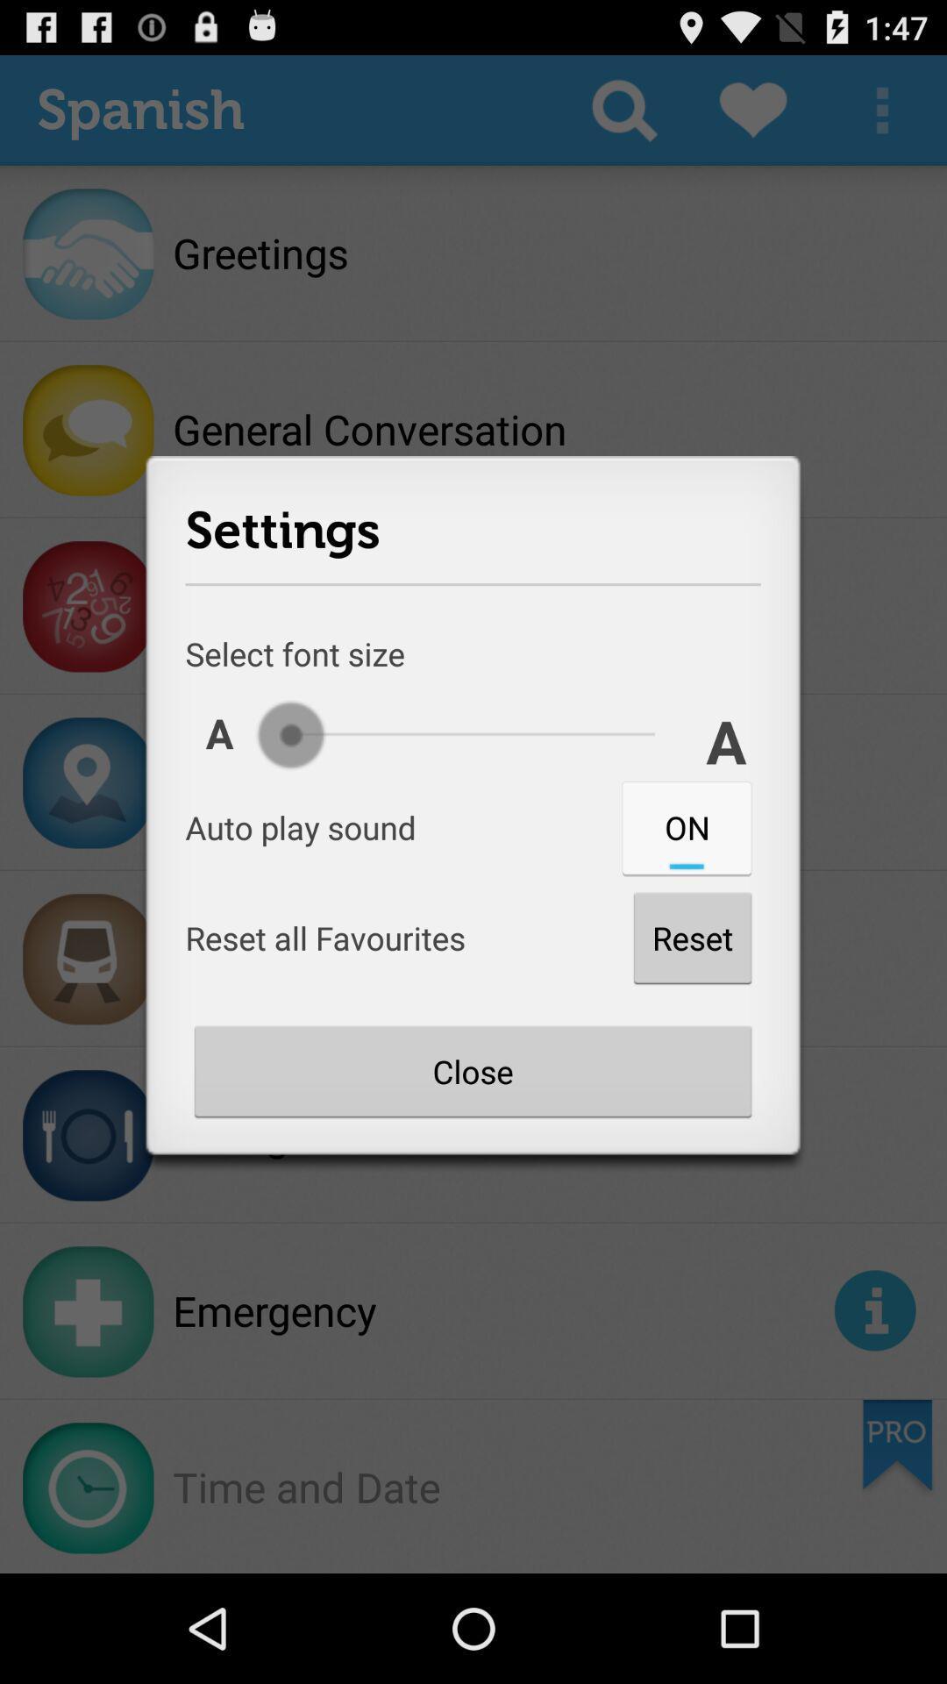 This screenshot has height=1684, width=947. I want to click on on, so click(686, 826).